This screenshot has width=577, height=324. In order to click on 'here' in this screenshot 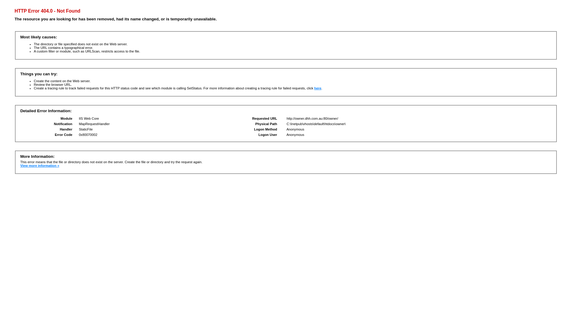, I will do `click(314, 88)`.